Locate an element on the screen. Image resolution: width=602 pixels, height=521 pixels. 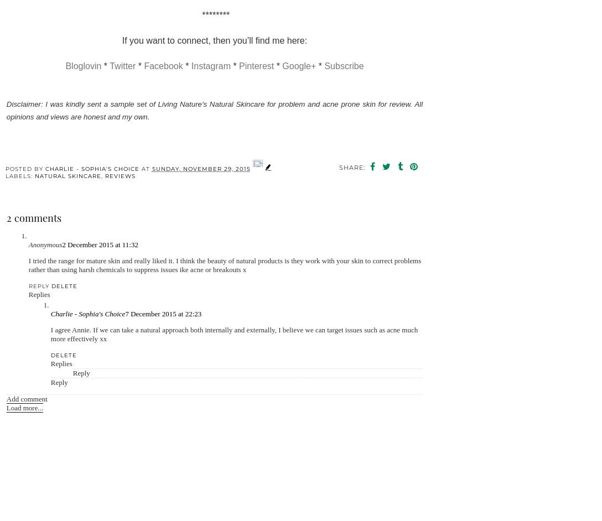
'Posted by' is located at coordinates (25, 168).